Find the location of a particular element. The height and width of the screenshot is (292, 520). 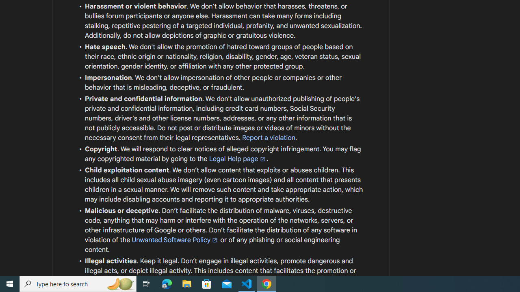

'Unwanted Software Policy' is located at coordinates (175, 239).